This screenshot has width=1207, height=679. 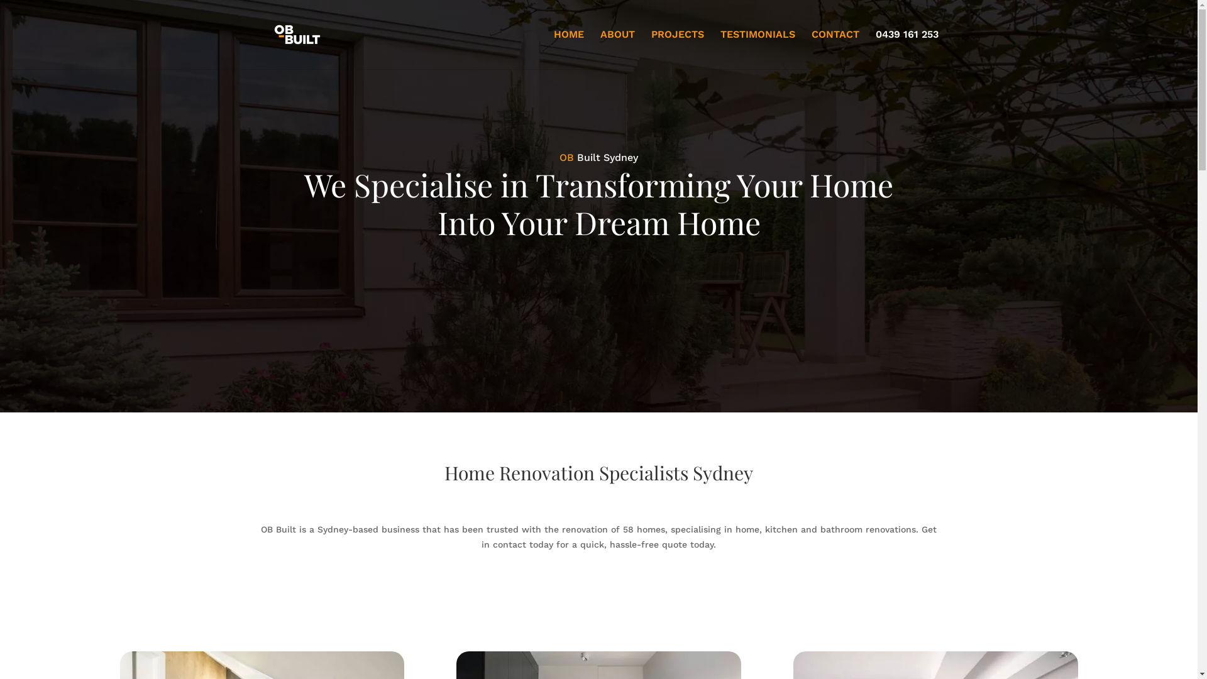 I want to click on 'HOME', so click(x=567, y=48).